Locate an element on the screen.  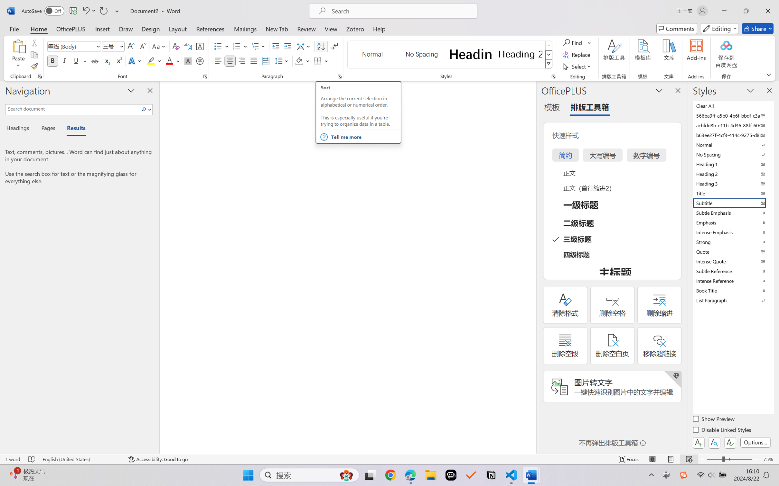
'Mailings' is located at coordinates (245, 28).